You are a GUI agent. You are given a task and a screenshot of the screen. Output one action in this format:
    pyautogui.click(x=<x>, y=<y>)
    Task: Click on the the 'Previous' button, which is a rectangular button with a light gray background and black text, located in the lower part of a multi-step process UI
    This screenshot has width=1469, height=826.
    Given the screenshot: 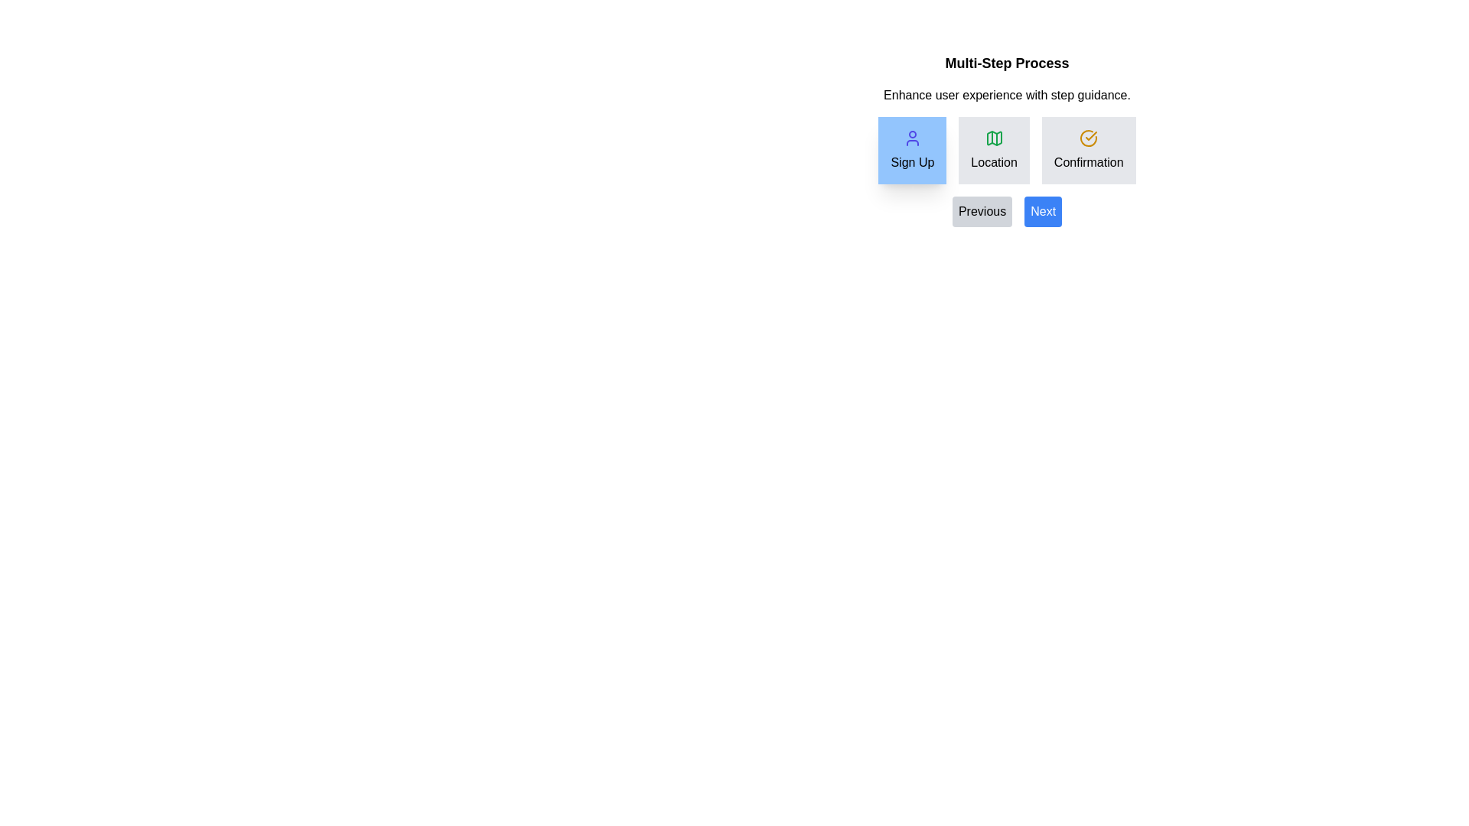 What is the action you would take?
    pyautogui.click(x=1007, y=212)
    